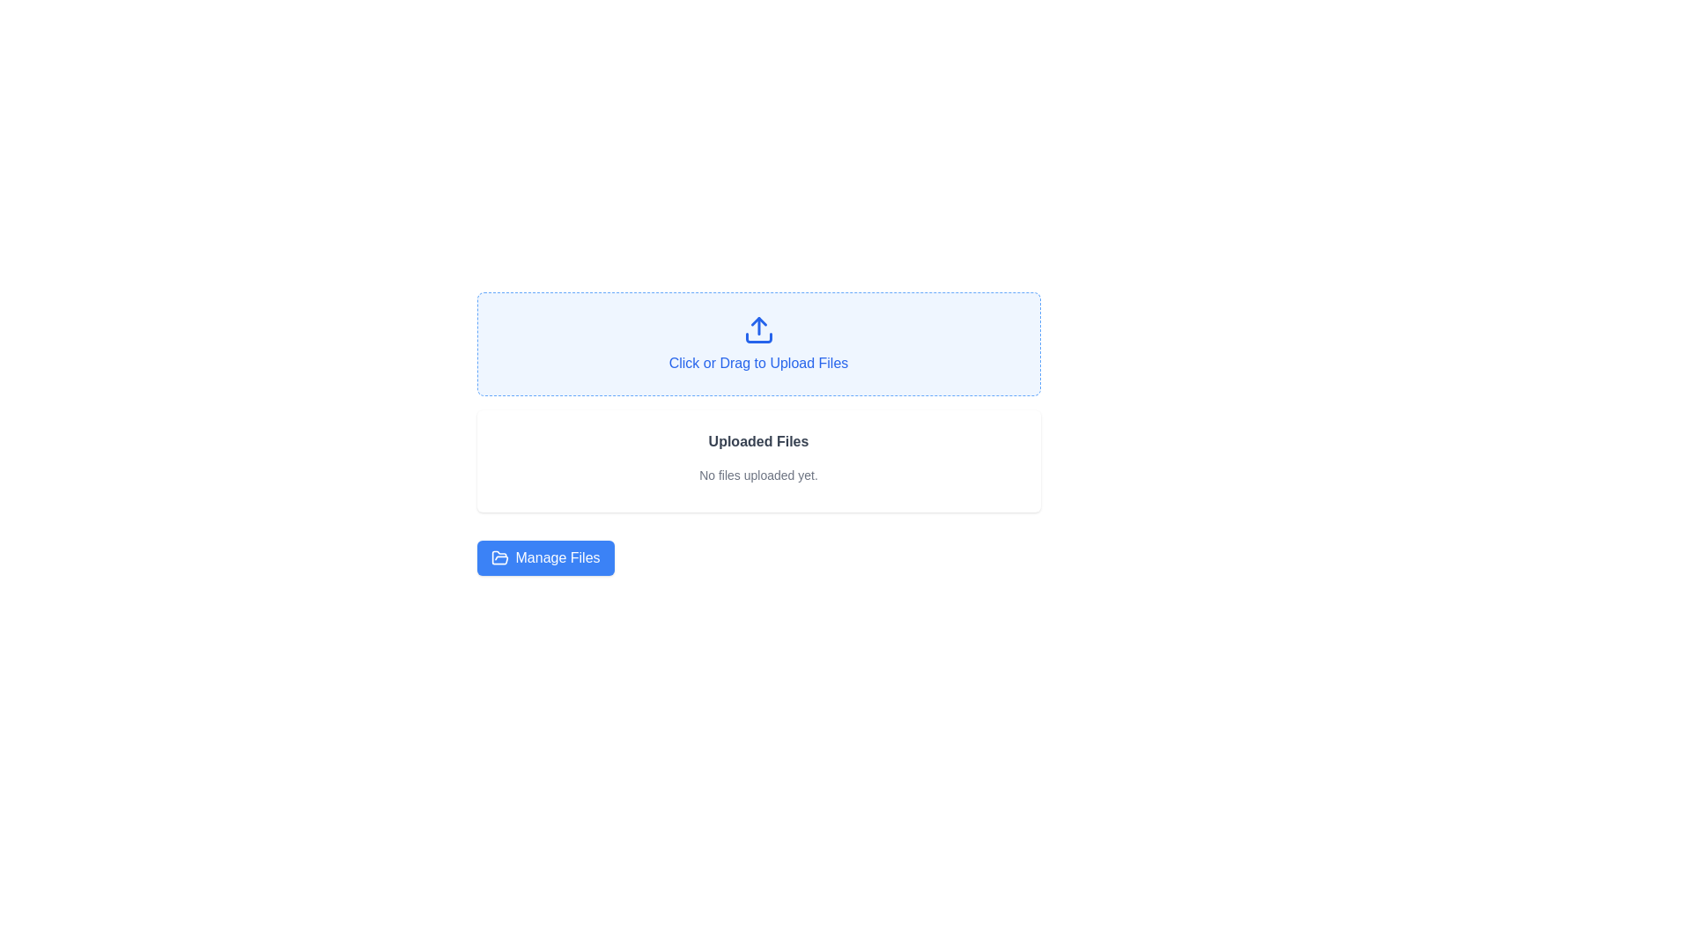 The width and height of the screenshot is (1691, 951). I want to click on and drop files onto the clickable text component labeled 'Click or Drag, so click(758, 350).